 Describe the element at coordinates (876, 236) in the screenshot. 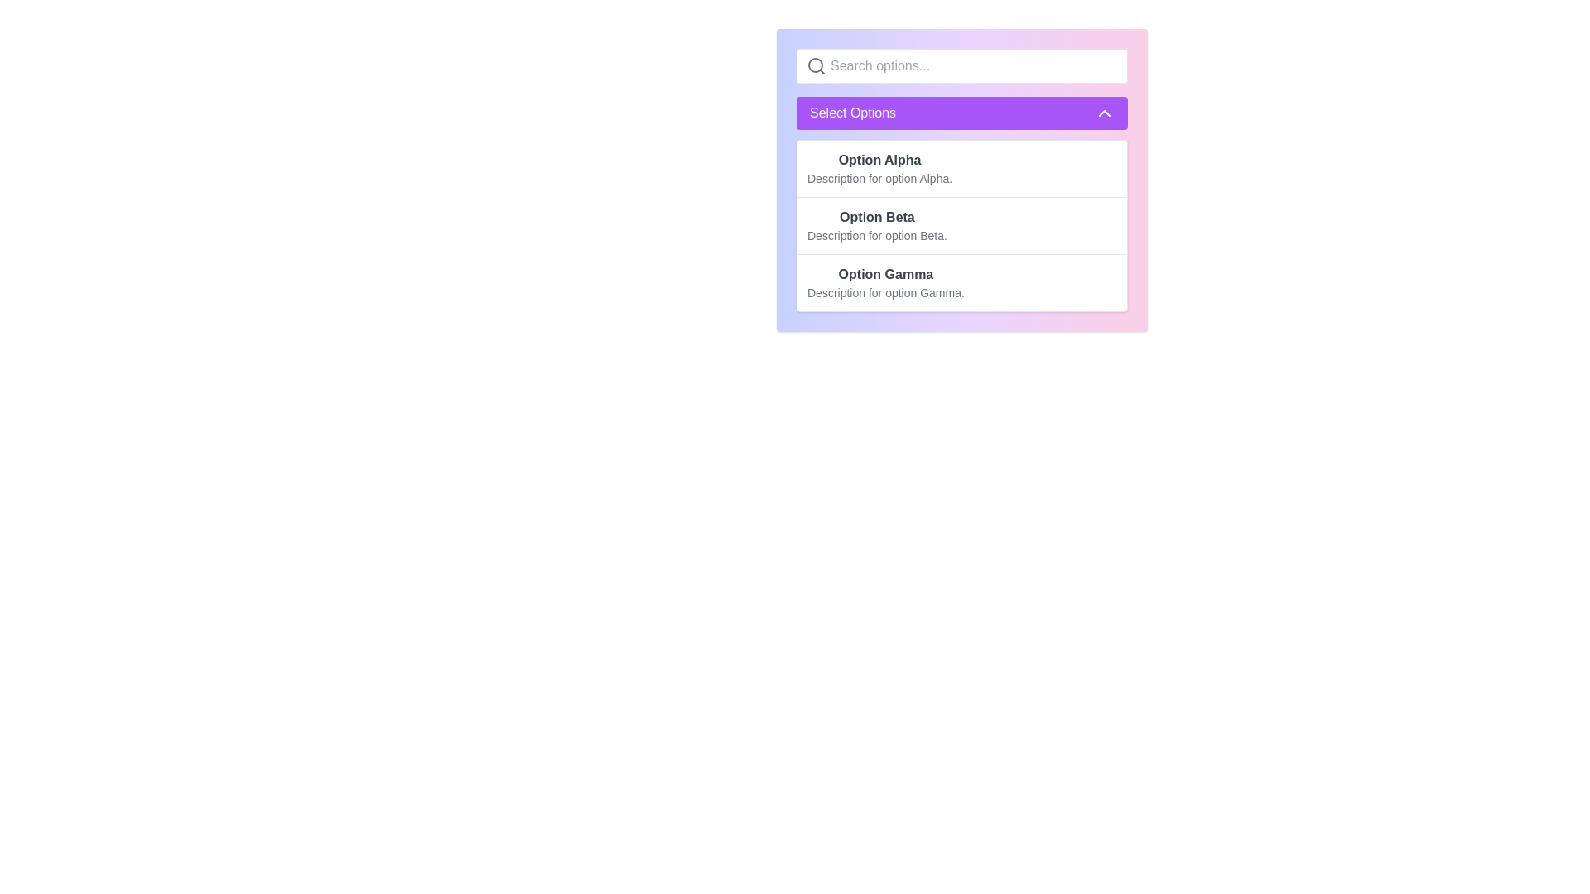

I see `text content of the descriptive label located directly below 'Option Beta' in the dropdown panel` at that location.